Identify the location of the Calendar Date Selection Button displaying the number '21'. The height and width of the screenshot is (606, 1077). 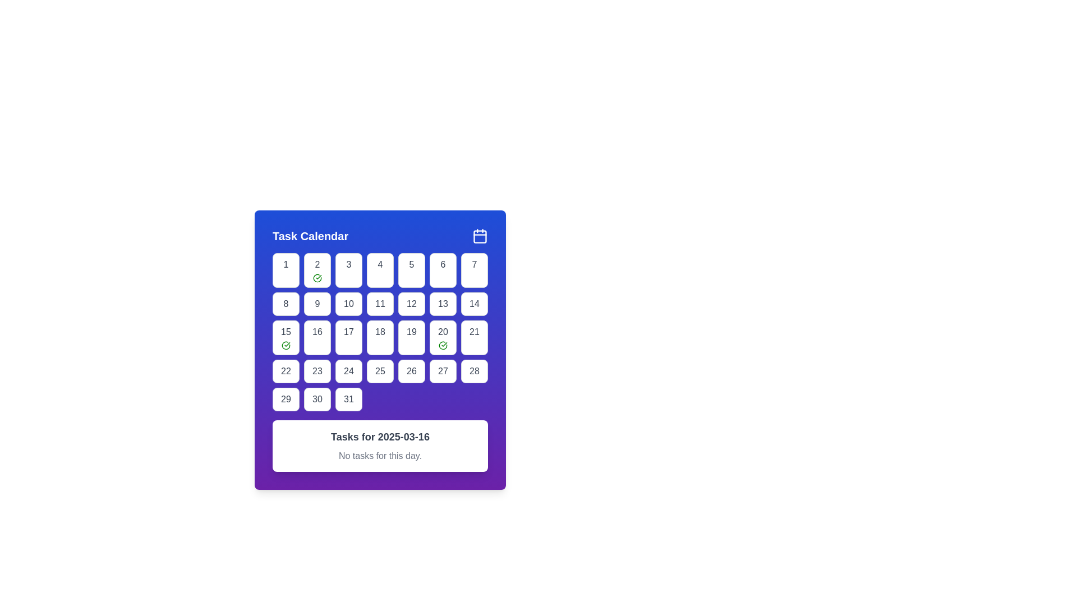
(474, 331).